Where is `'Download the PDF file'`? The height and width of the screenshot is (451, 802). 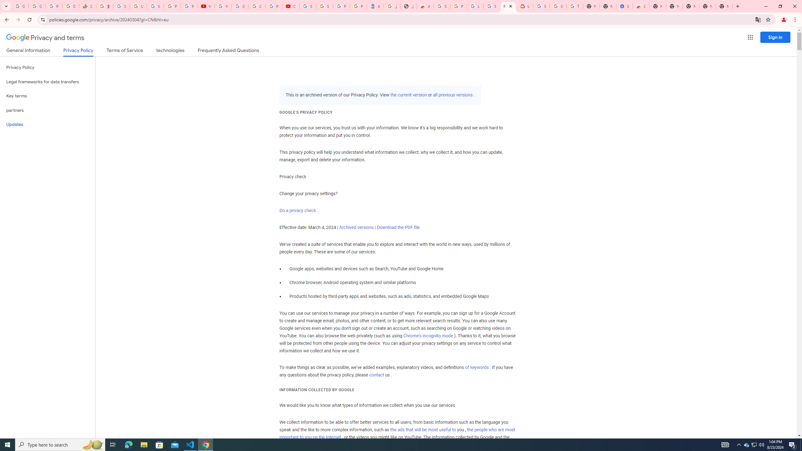 'Download the PDF file' is located at coordinates (398, 227).